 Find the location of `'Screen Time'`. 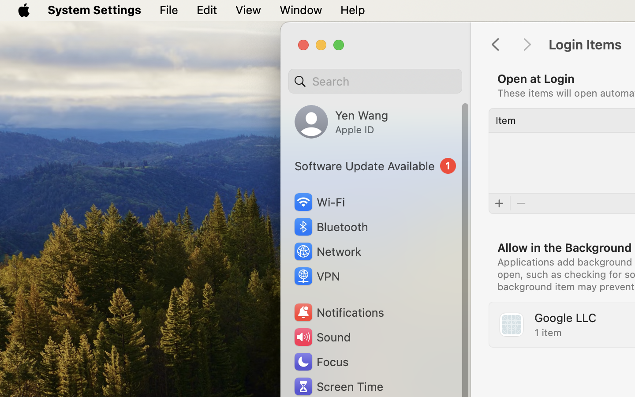

'Screen Time' is located at coordinates (337, 386).